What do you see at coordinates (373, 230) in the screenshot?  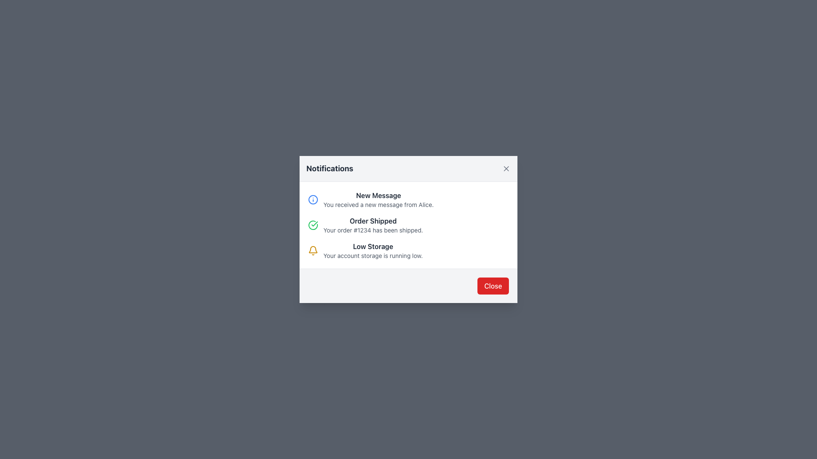 I see `message displaying 'Your order #1234 has been shipped.' located below the 'Order Shipped' heading in the notification panel` at bounding box center [373, 230].